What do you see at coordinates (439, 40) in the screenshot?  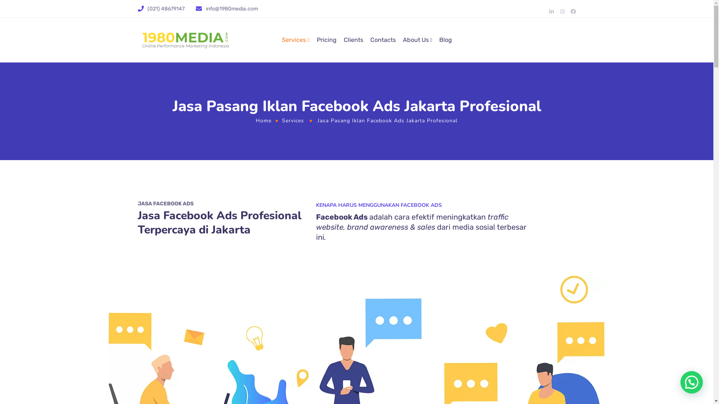 I see `'Blog'` at bounding box center [439, 40].